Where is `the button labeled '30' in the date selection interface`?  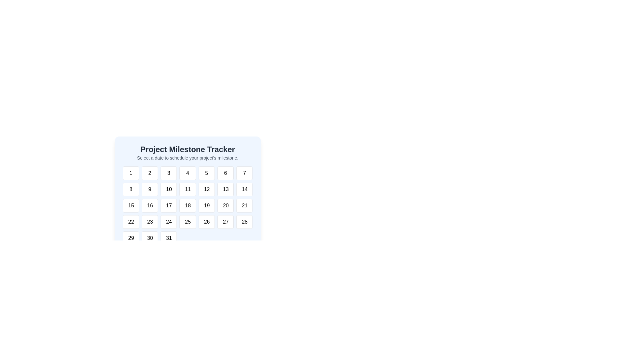
the button labeled '30' in the date selection interface is located at coordinates (149, 238).